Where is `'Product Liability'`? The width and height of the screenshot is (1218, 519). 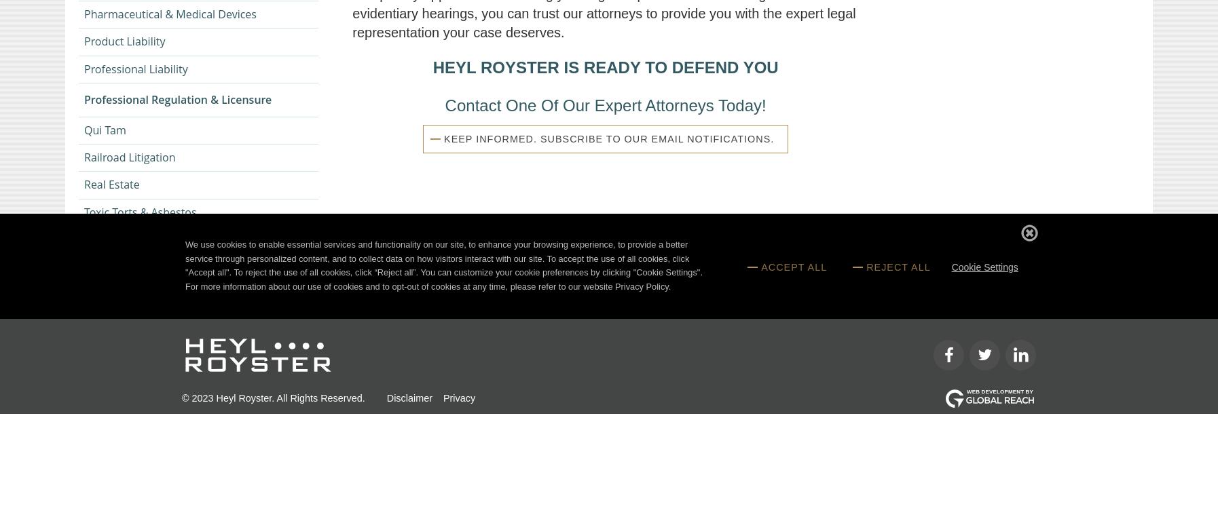 'Product Liability' is located at coordinates (124, 41).